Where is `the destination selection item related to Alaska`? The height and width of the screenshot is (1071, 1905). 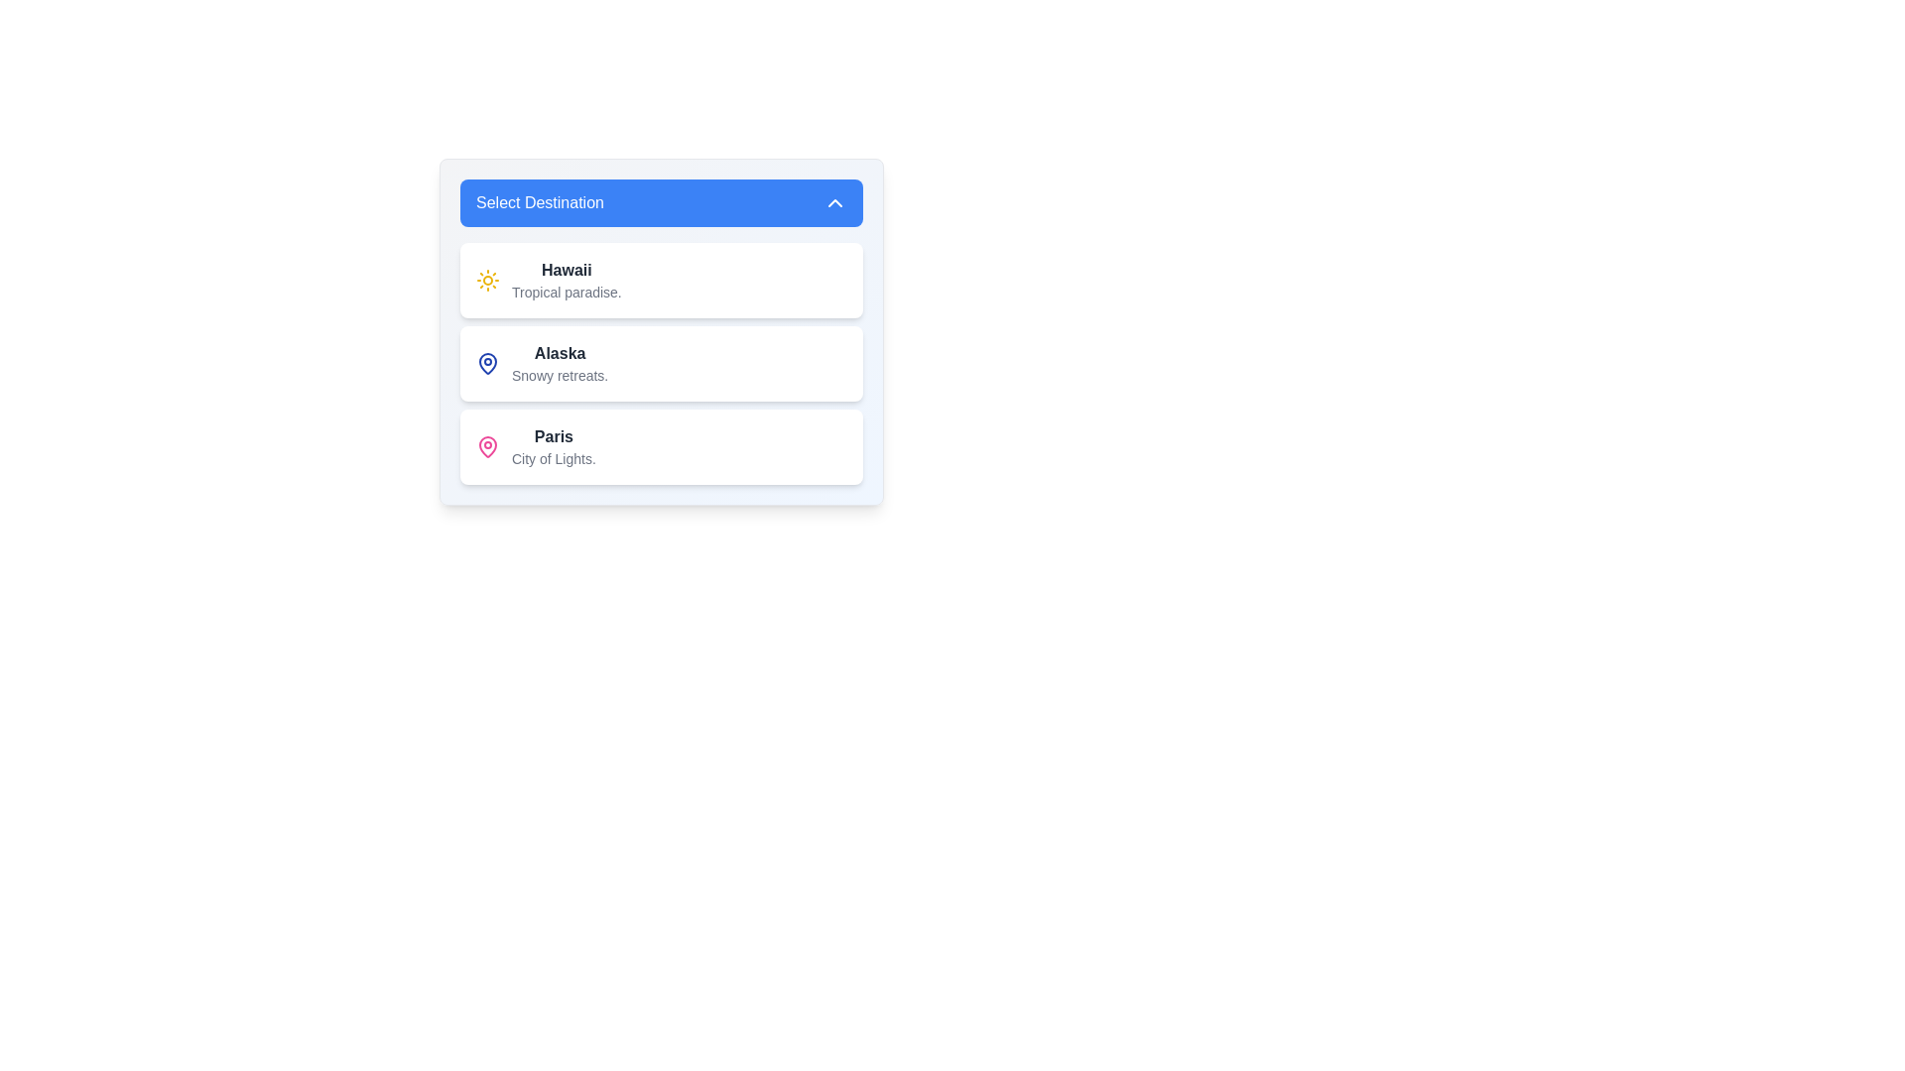 the destination selection item related to Alaska is located at coordinates (542, 363).